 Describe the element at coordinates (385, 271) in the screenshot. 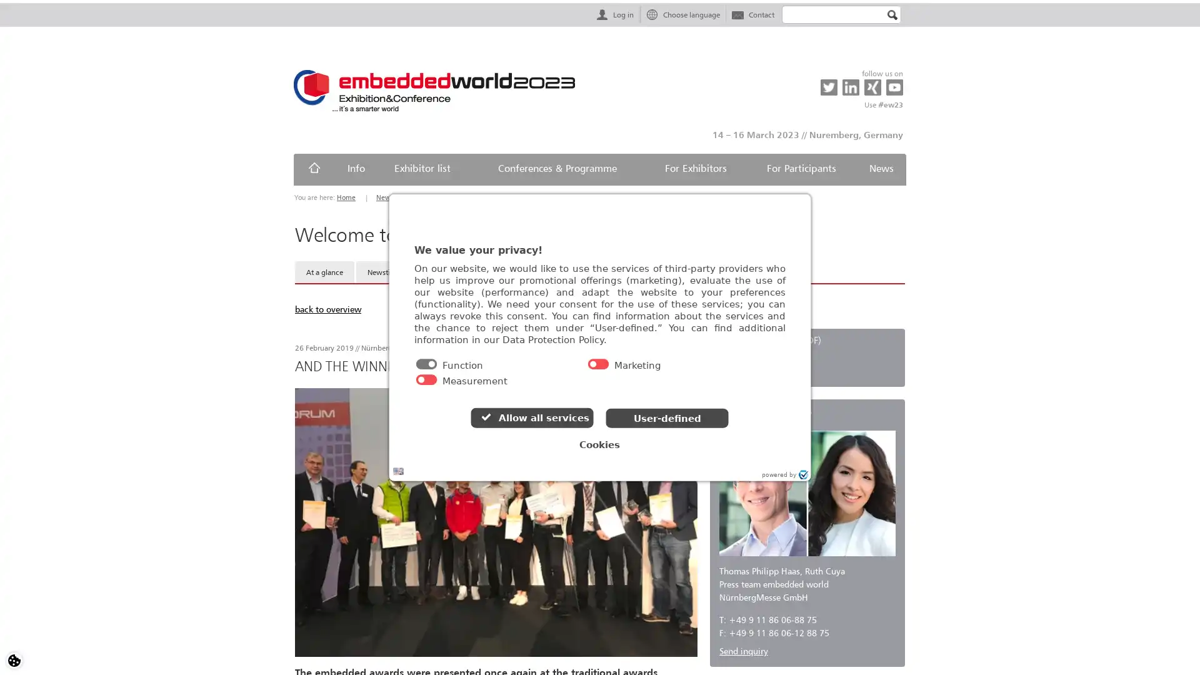

I see `Newsticker` at that location.